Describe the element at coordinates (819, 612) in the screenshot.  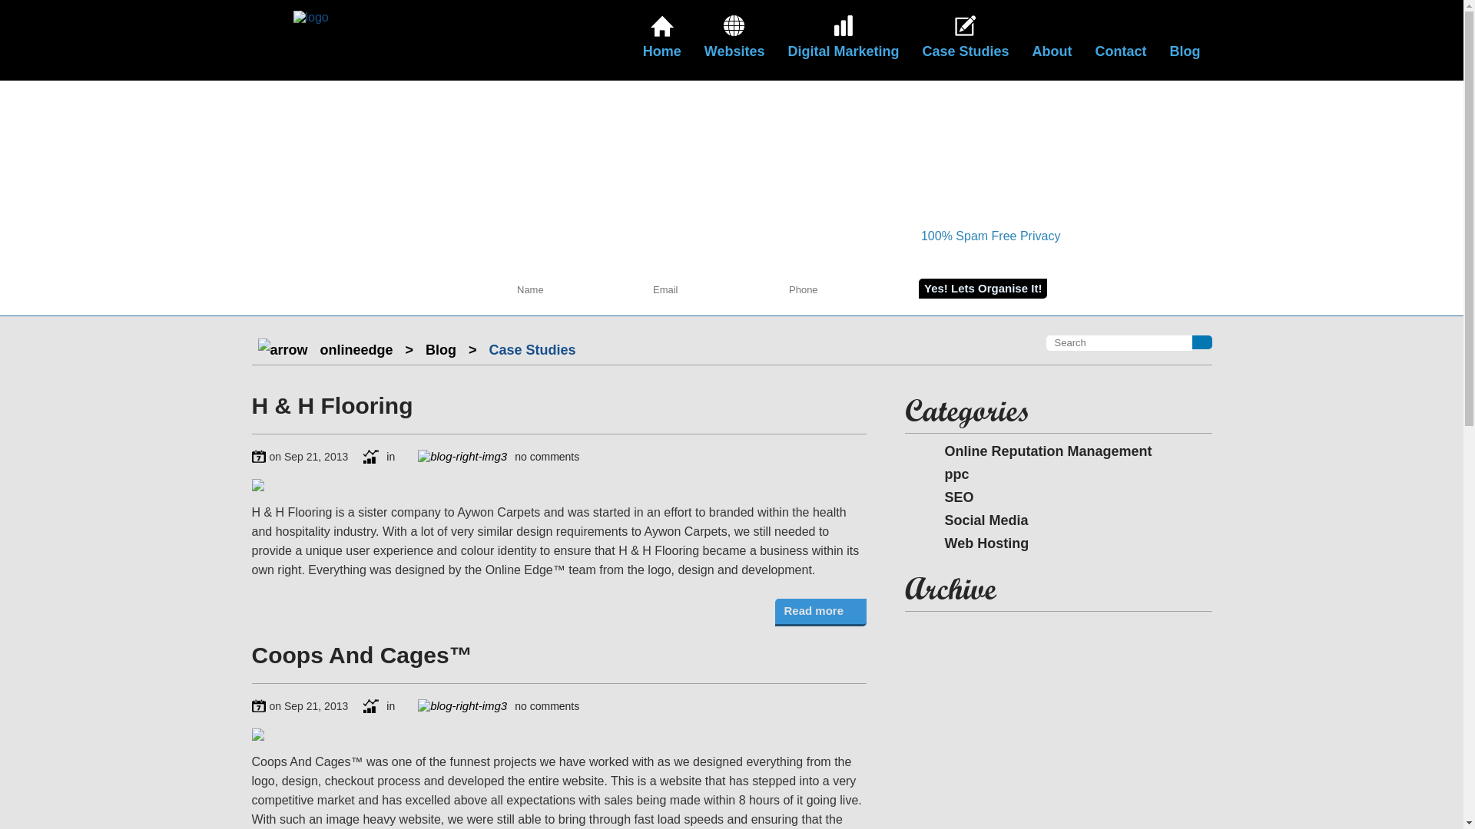
I see `'Read more'` at that location.